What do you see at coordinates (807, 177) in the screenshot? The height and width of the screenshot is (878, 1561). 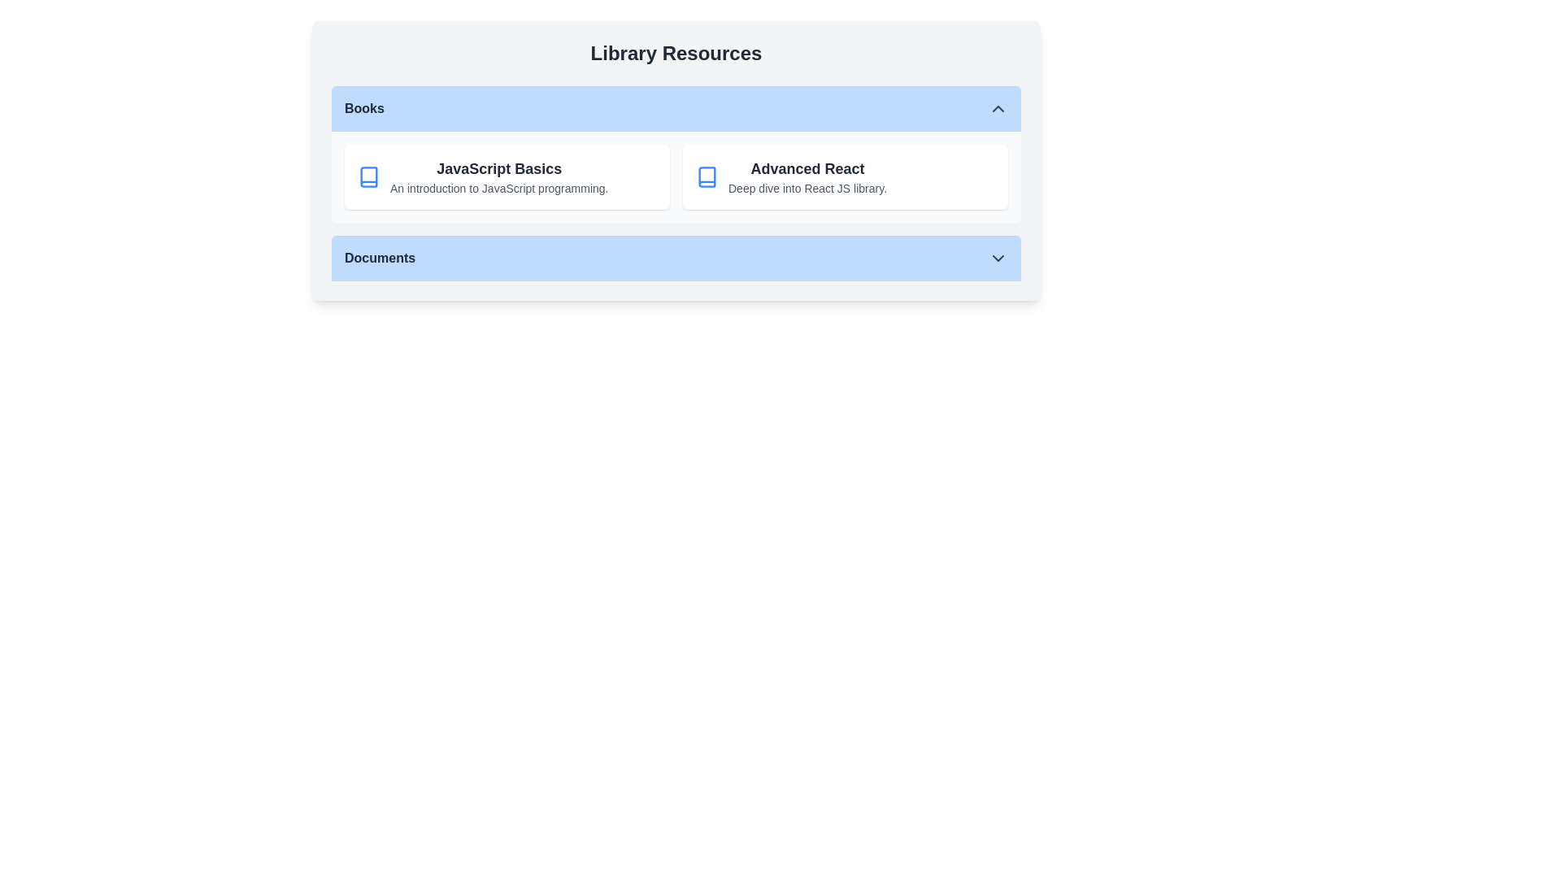 I see `the label representing the library resource titled 'Advanced React', which is located on the right side of the 'Books' section under educational topics` at bounding box center [807, 177].